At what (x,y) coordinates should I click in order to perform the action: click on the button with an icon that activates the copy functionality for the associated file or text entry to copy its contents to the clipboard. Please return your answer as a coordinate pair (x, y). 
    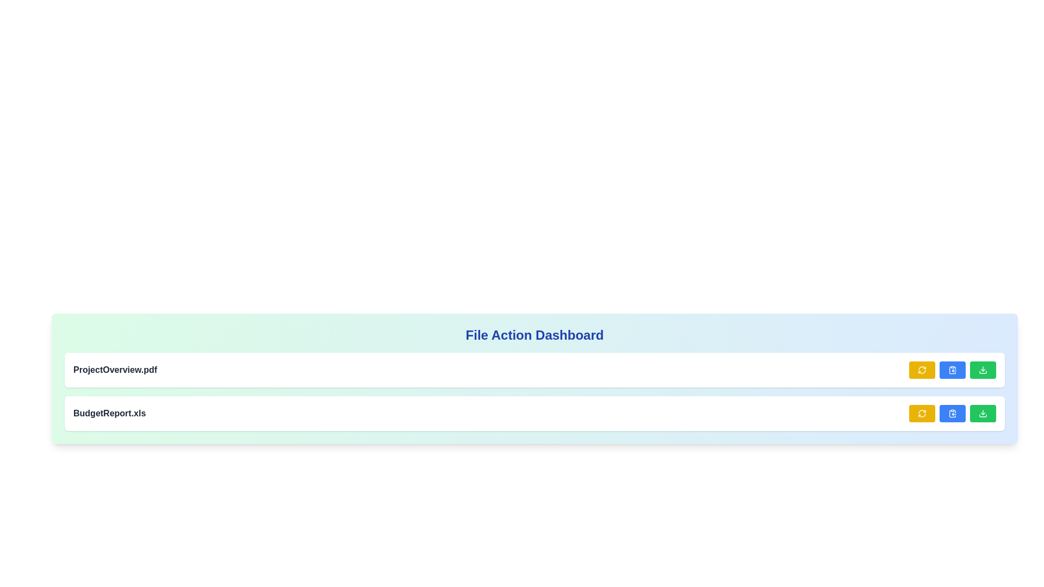
    Looking at the image, I should click on (952, 370).